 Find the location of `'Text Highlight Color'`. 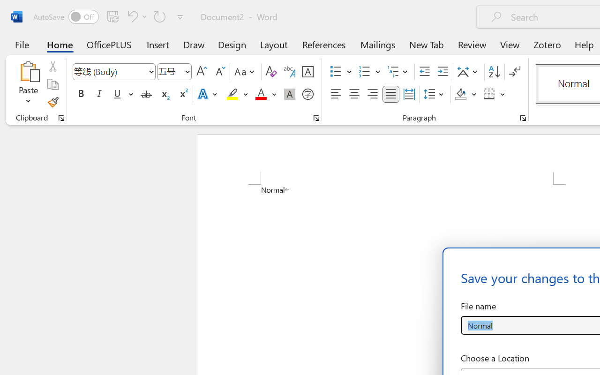

'Text Highlight Color' is located at coordinates (237, 94).